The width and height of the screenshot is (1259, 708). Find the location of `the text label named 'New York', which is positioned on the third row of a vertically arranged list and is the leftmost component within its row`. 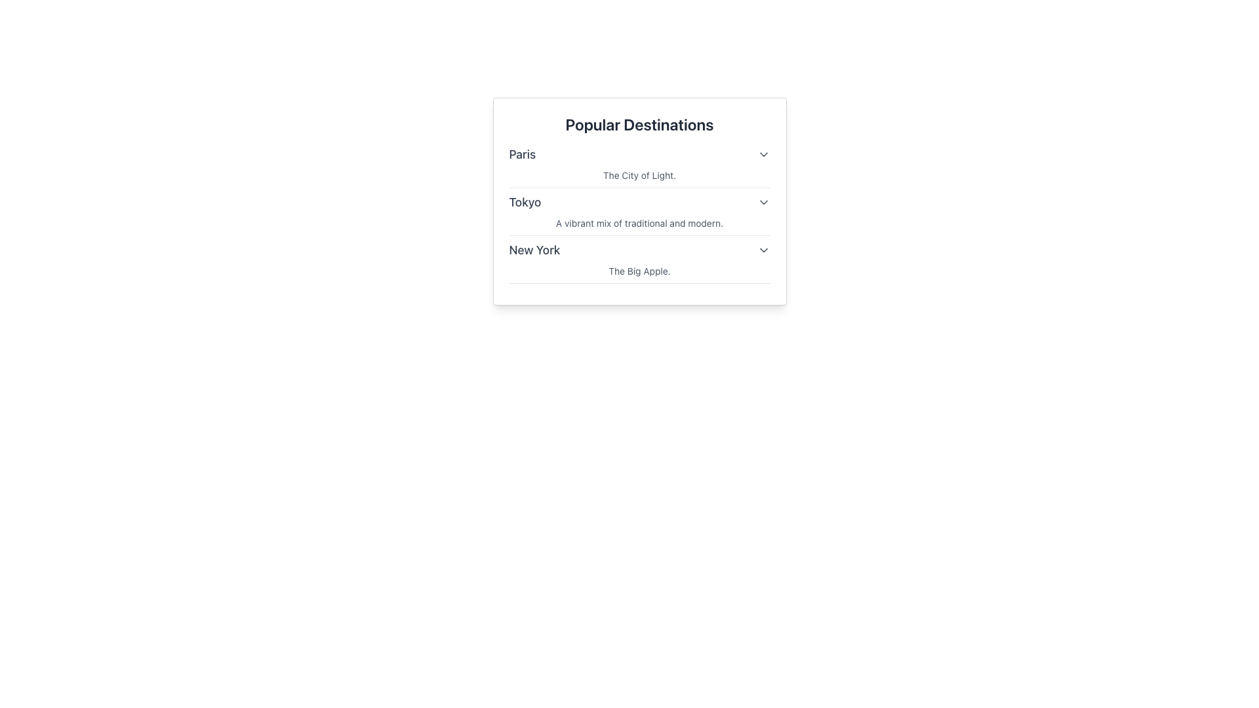

the text label named 'New York', which is positioned on the third row of a vertically arranged list and is the leftmost component within its row is located at coordinates (534, 250).